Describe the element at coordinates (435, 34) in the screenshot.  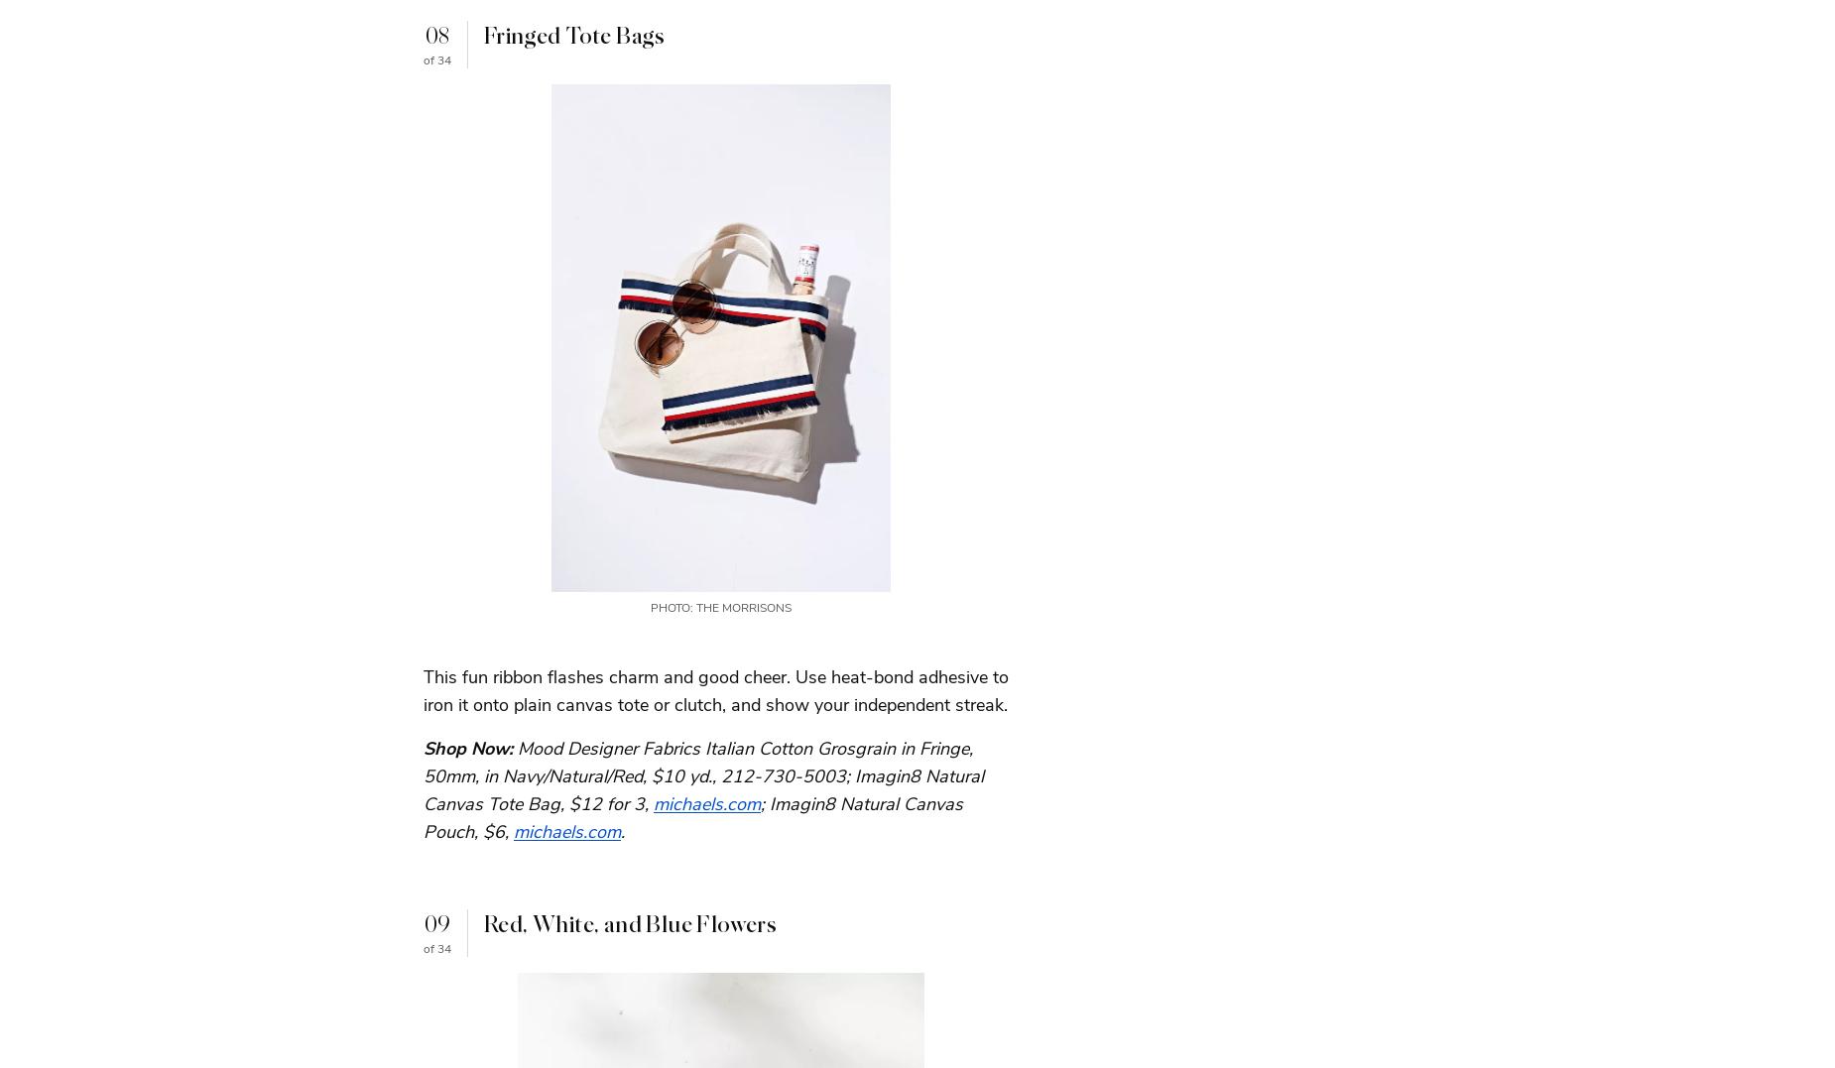
I see `'08'` at that location.